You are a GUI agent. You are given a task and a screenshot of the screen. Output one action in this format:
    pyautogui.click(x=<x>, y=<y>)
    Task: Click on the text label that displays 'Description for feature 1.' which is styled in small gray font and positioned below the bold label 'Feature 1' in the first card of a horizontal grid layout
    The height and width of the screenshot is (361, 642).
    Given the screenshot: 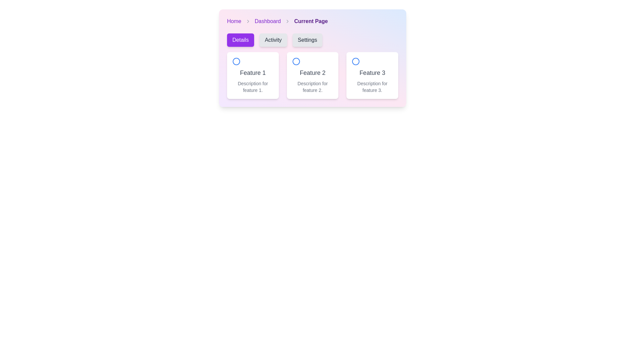 What is the action you would take?
    pyautogui.click(x=252, y=86)
    